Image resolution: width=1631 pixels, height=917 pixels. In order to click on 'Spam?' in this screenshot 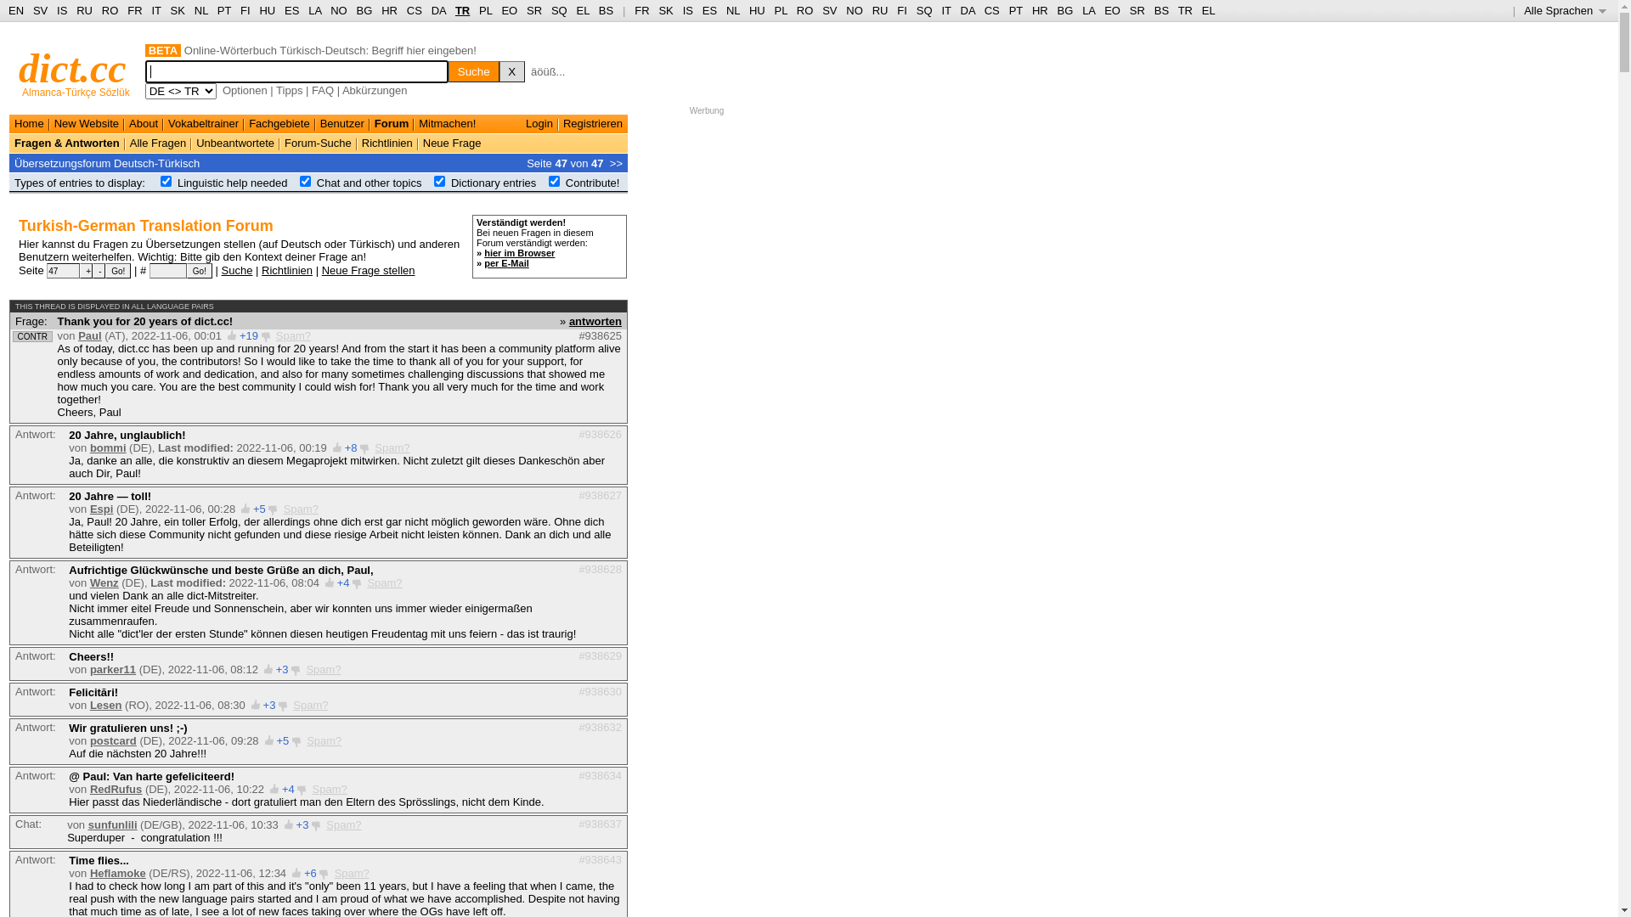, I will do `click(293, 705)`.